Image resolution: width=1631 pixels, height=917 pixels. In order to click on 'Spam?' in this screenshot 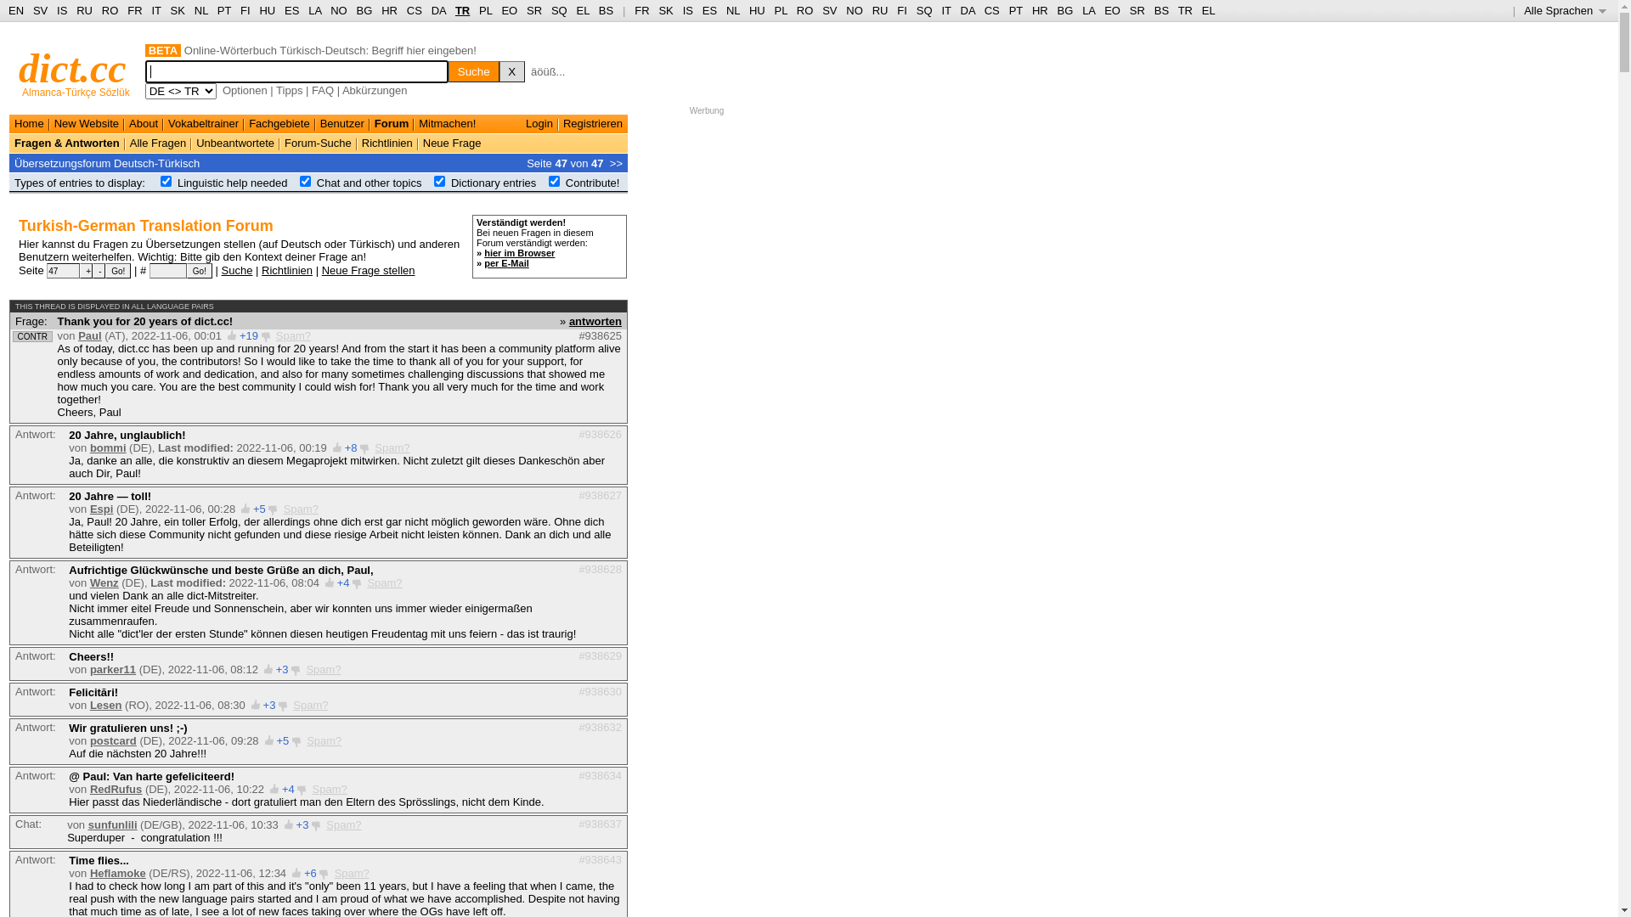, I will do `click(293, 705)`.